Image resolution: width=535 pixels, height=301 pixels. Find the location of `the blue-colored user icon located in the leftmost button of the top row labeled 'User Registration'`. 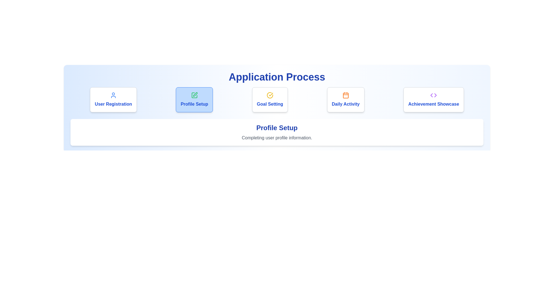

the blue-colored user icon located in the leftmost button of the top row labeled 'User Registration' is located at coordinates (113, 95).